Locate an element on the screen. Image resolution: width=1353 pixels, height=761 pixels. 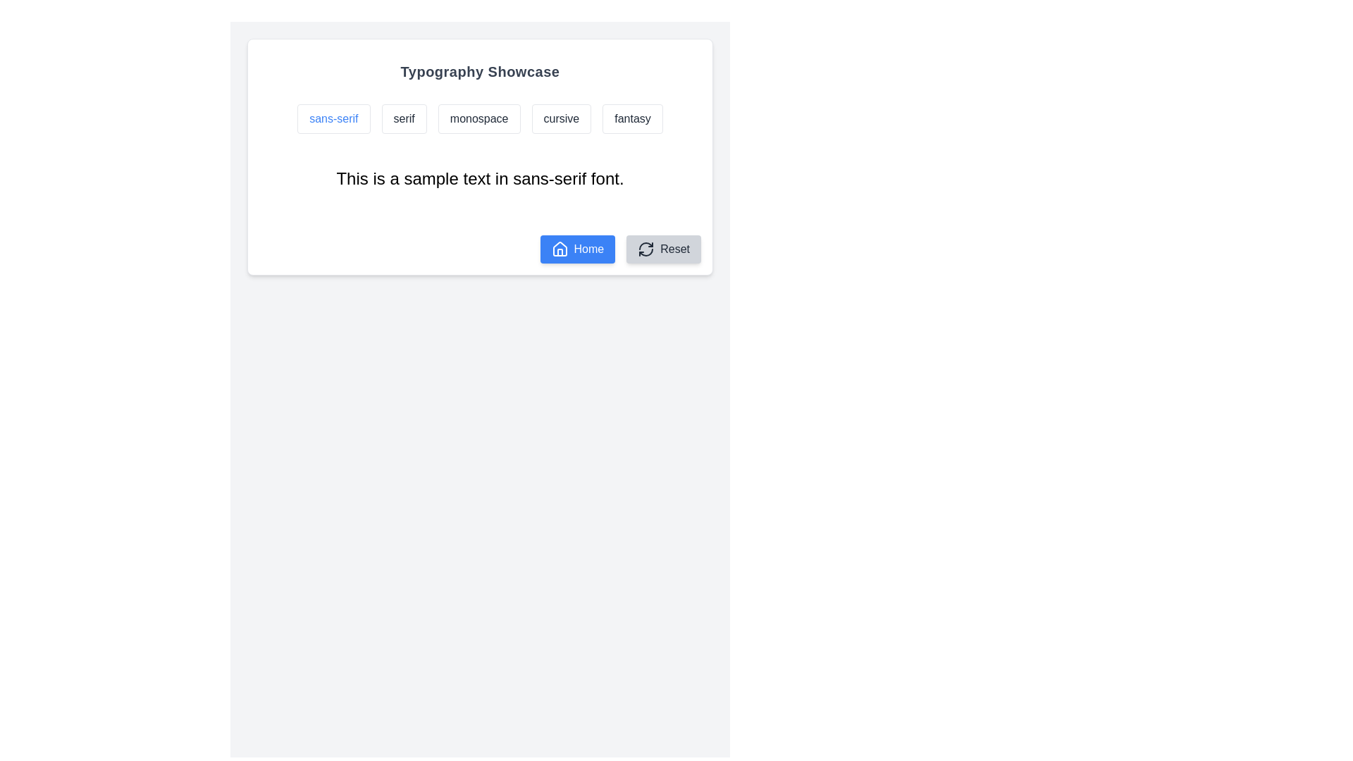
the button that allows users is located at coordinates (631, 118).